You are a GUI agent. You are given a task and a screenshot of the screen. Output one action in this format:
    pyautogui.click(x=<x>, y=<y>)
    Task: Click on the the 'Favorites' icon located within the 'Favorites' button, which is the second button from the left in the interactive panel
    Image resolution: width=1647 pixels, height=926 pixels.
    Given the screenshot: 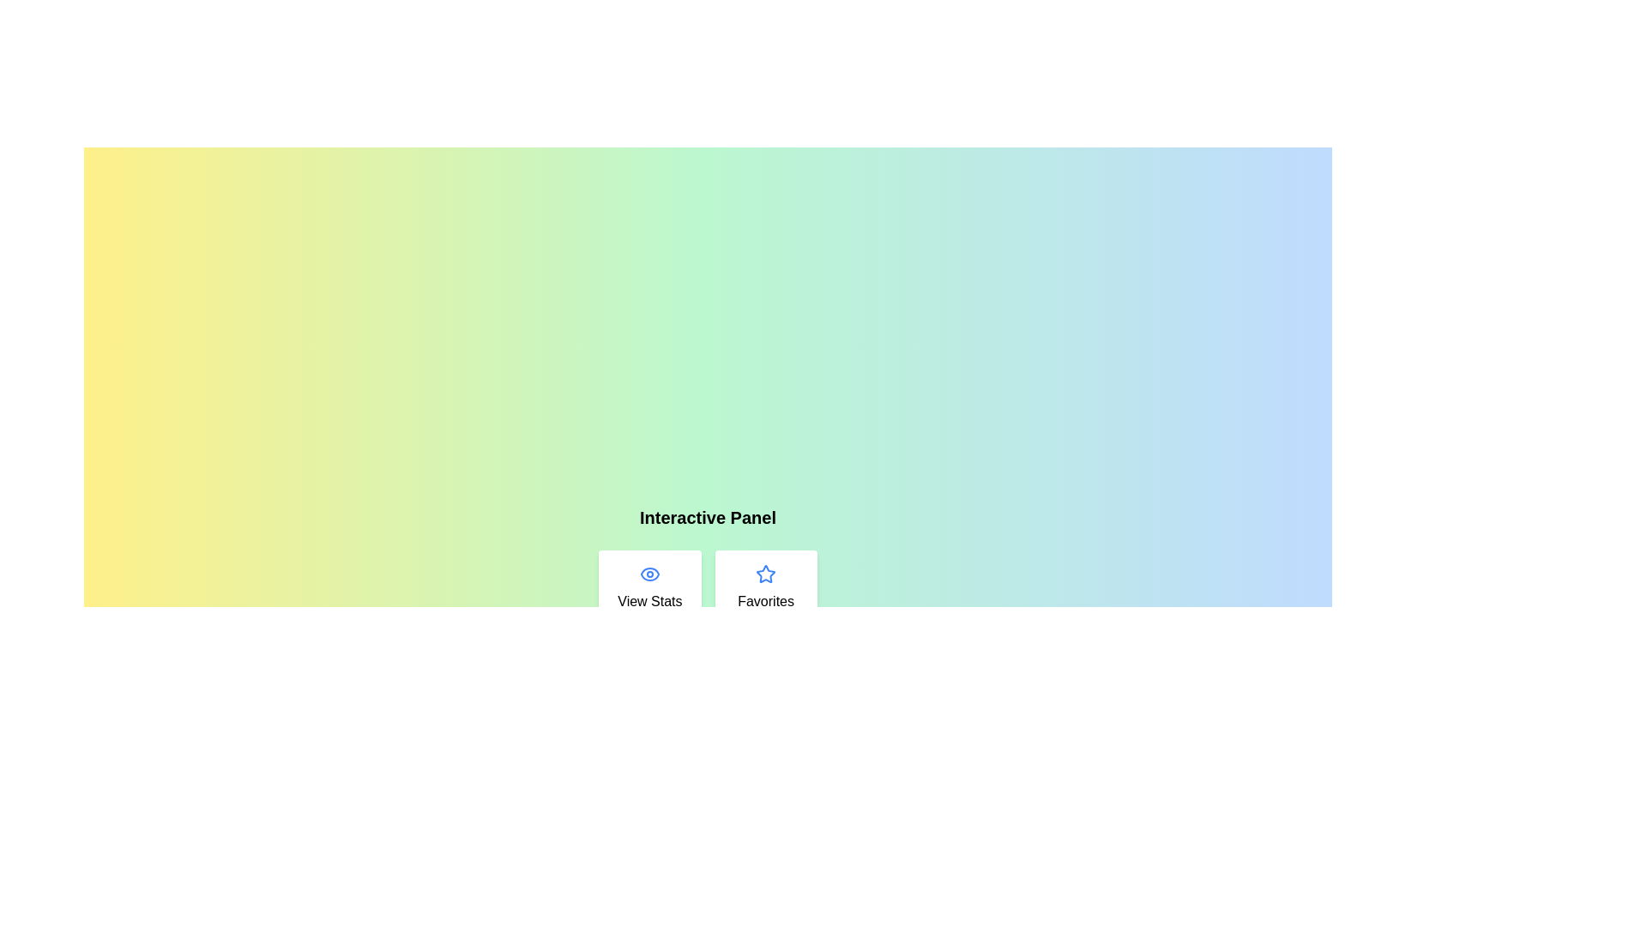 What is the action you would take?
    pyautogui.click(x=764, y=574)
    